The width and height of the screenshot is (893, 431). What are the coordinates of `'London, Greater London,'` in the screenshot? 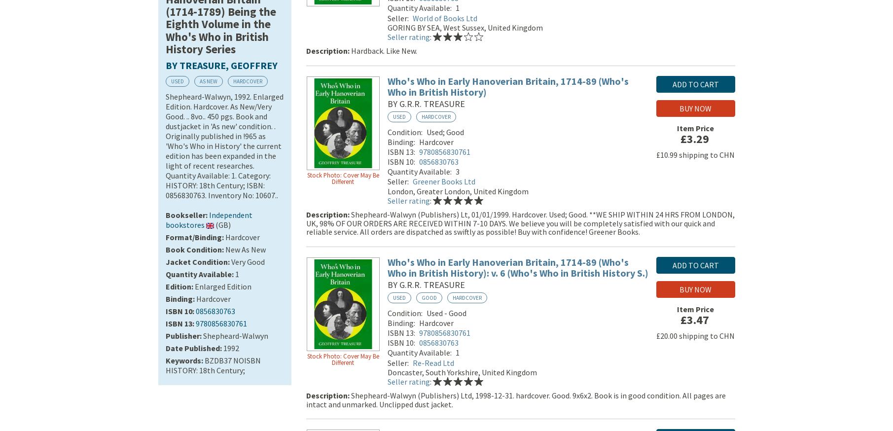 It's located at (429, 193).